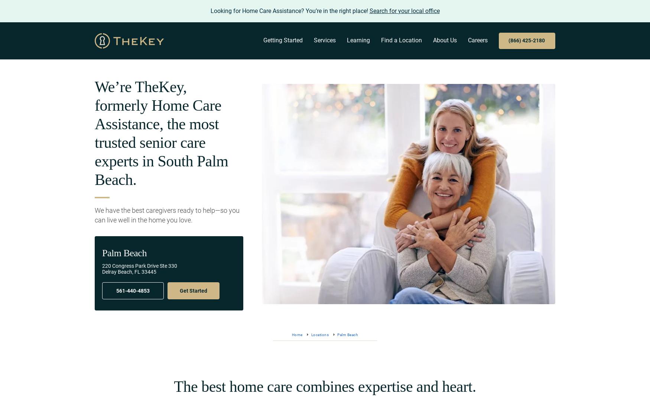 The image size is (650, 397). What do you see at coordinates (305, 139) in the screenshot?
I see `'Specialized Care'` at bounding box center [305, 139].